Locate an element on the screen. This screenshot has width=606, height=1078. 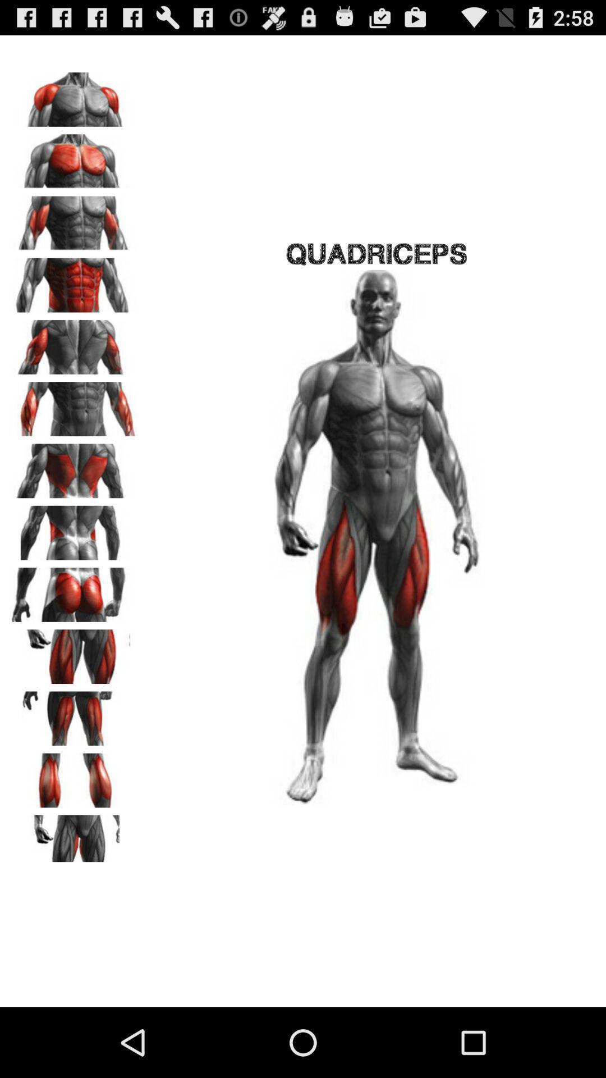
hamstrings is located at coordinates (74, 776).